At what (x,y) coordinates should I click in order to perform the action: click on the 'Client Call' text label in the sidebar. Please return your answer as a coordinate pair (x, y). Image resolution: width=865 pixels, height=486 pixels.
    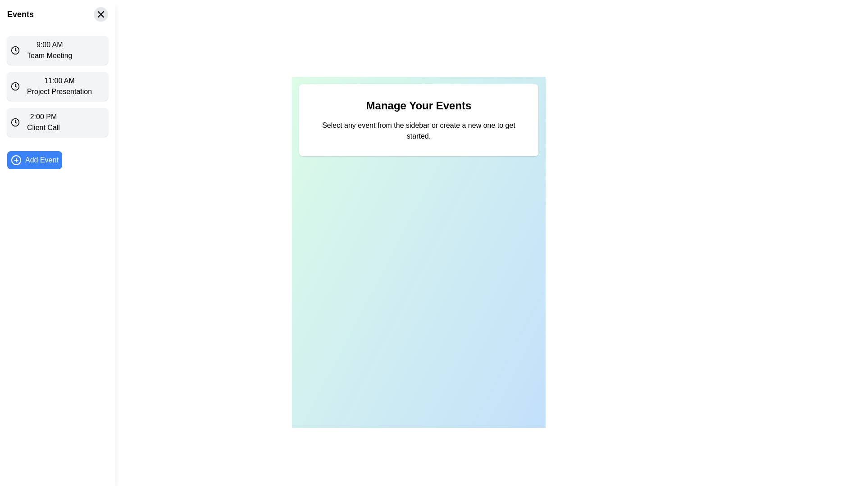
    Looking at the image, I should click on (43, 128).